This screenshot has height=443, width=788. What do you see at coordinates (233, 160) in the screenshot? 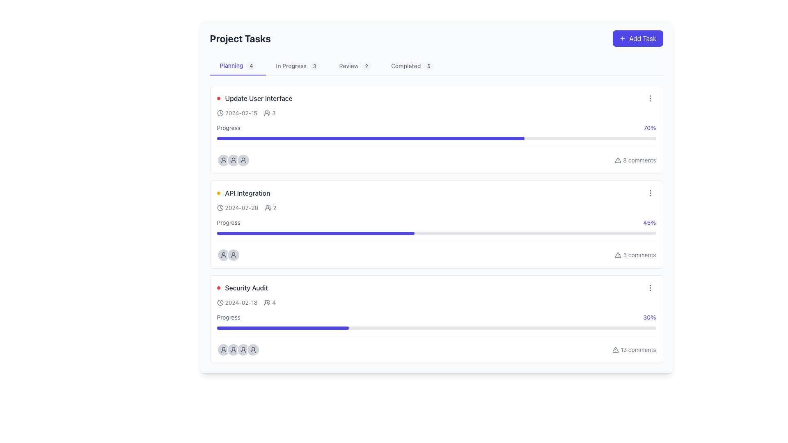
I see `the second circular user avatar component under the 'Update User Interface' task card in the 'Planning' section of the Project Tasks interface` at bounding box center [233, 160].